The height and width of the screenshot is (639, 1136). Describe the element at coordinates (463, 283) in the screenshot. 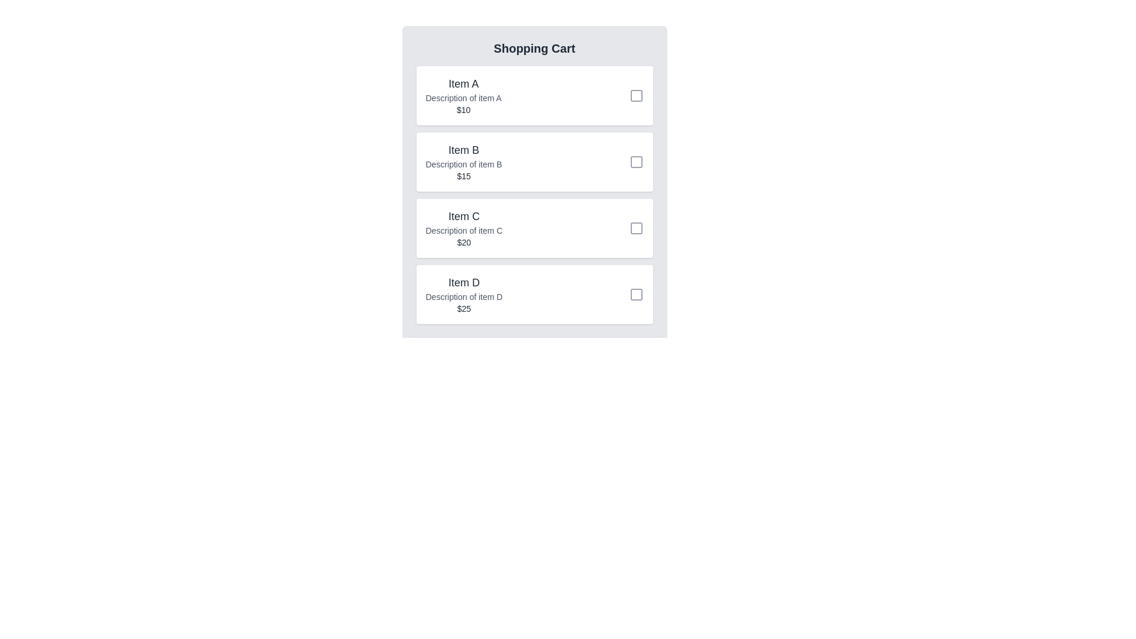

I see `the static text label that identifies 'Item D', which is positioned at the top-left corner of its section` at that location.